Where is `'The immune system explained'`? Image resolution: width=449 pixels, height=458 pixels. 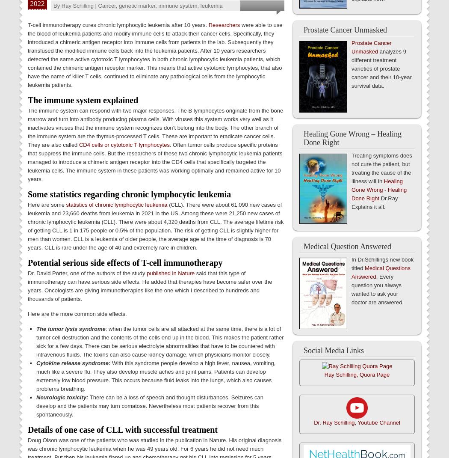 'The immune system explained' is located at coordinates (27, 99).